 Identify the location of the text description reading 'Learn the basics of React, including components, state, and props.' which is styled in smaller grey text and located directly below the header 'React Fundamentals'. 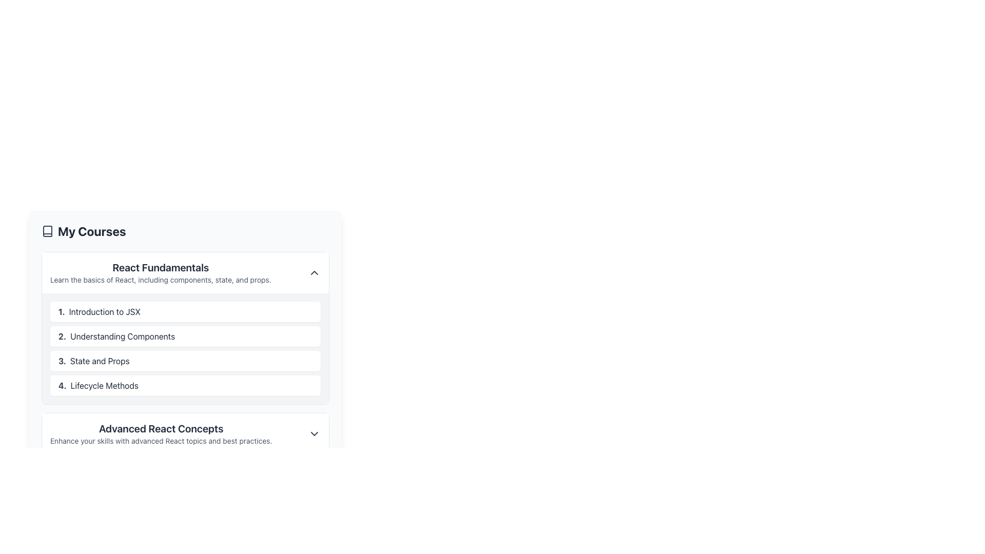
(160, 280).